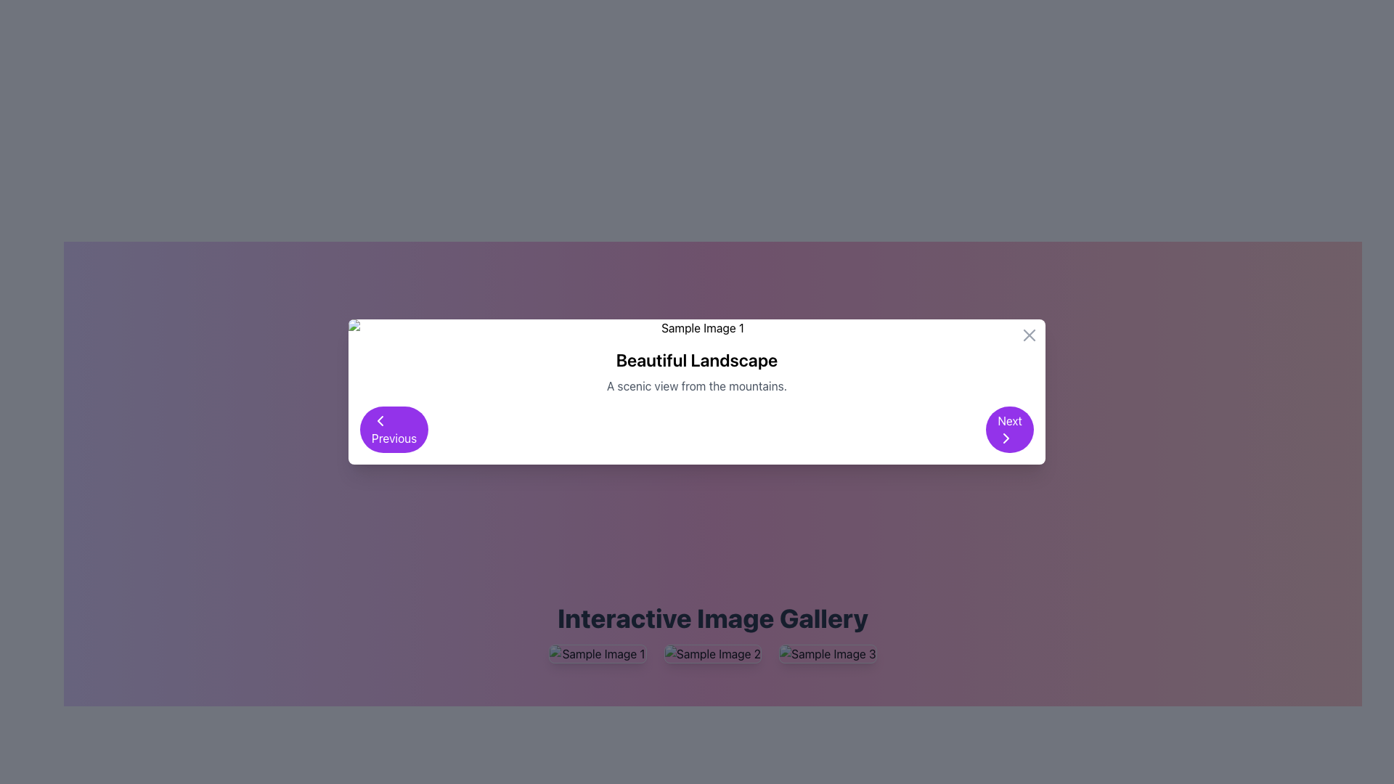 This screenshot has width=1394, height=784. Describe the element at coordinates (394, 428) in the screenshot. I see `the purple 'Previous' button with rounded edges and a left-pointing chevron icon` at that location.